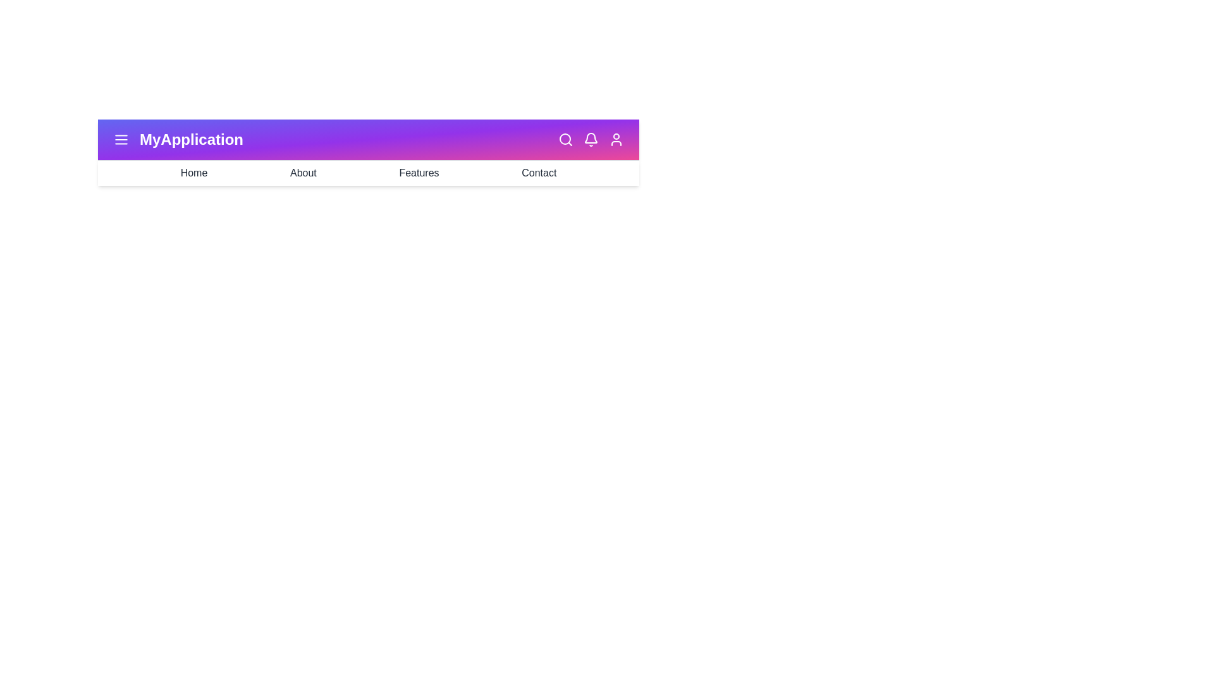  Describe the element at coordinates (565, 139) in the screenshot. I see `the search icon to initiate a search` at that location.